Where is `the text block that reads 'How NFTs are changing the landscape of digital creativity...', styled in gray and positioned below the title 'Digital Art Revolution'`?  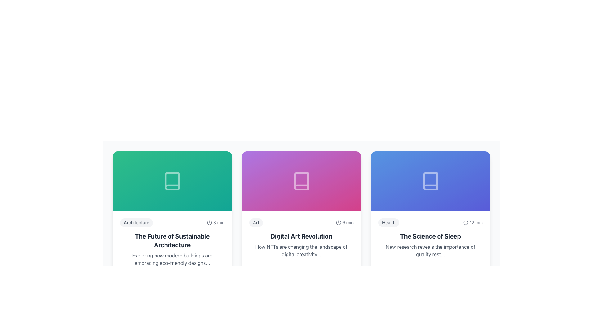
the text block that reads 'How NFTs are changing the landscape of digital creativity...', styled in gray and positioned below the title 'Digital Art Revolution' is located at coordinates (301, 250).